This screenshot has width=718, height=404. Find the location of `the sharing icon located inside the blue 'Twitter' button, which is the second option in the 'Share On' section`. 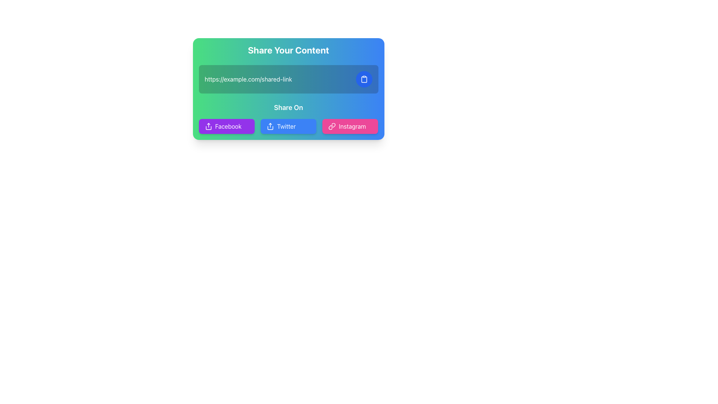

the sharing icon located inside the blue 'Twitter' button, which is the second option in the 'Share On' section is located at coordinates (270, 126).